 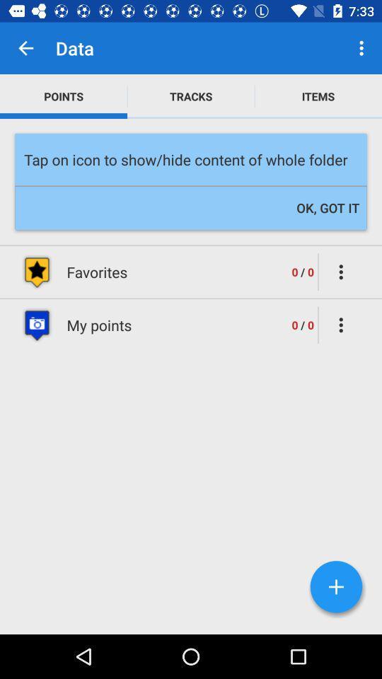 What do you see at coordinates (25, 48) in the screenshot?
I see `the icon next to the data` at bounding box center [25, 48].